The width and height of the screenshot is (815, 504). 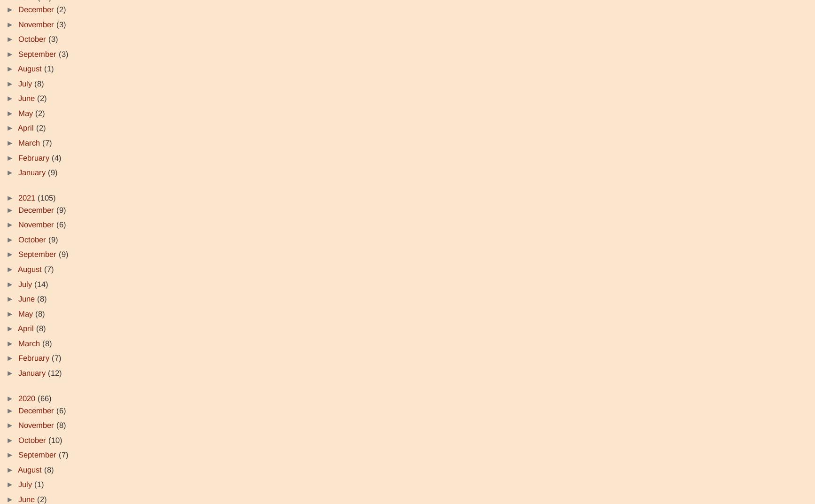 What do you see at coordinates (51, 157) in the screenshot?
I see `'(4)'` at bounding box center [51, 157].